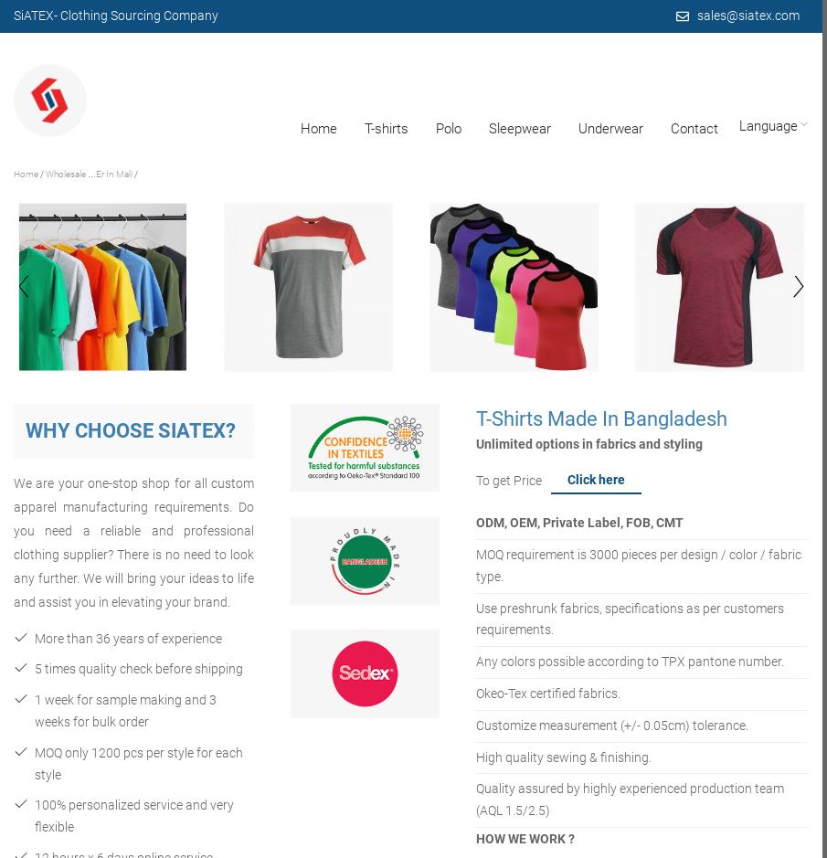 The width and height of the screenshot is (827, 858). Describe the element at coordinates (139, 669) in the screenshot. I see `'5 times quality check before shipping'` at that location.